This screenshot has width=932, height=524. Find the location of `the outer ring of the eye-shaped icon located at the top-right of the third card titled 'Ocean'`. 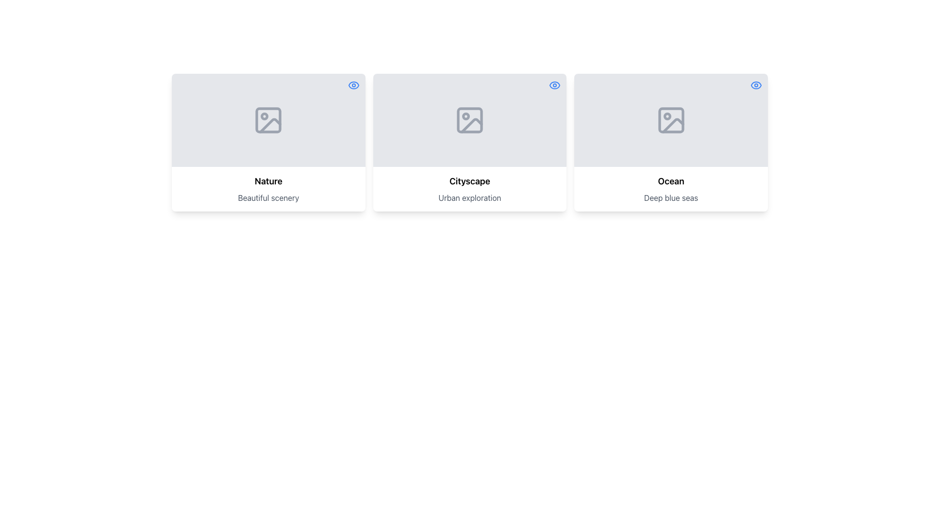

the outer ring of the eye-shaped icon located at the top-right of the third card titled 'Ocean' is located at coordinates (755, 85).